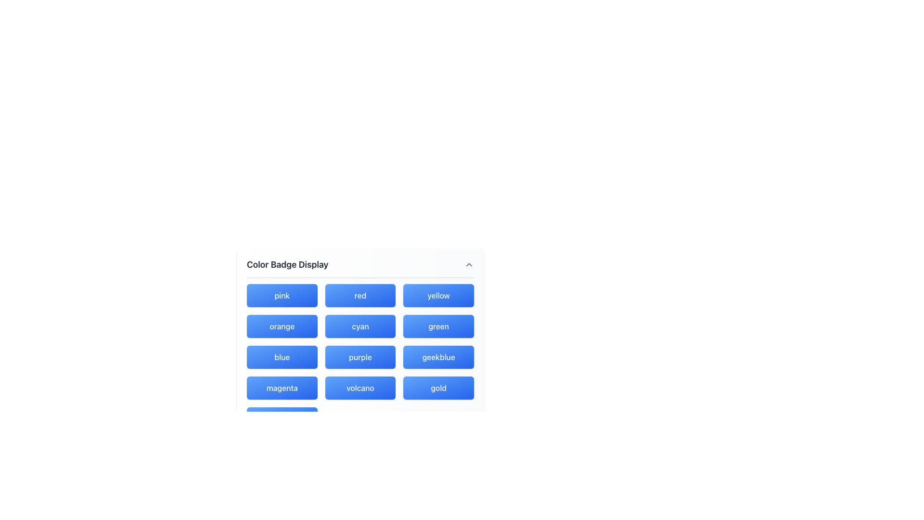 This screenshot has height=520, width=924. Describe the element at coordinates (359, 357) in the screenshot. I see `the rectangular badge with the text 'purple', which is the second badge in the fourth row of the grid layout under 'Color Badge Display'` at that location.